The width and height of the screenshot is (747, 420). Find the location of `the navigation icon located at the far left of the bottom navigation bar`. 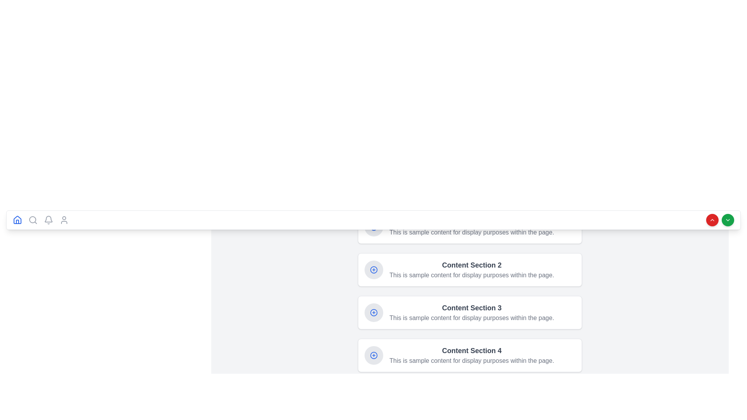

the navigation icon located at the far left of the bottom navigation bar is located at coordinates (17, 219).